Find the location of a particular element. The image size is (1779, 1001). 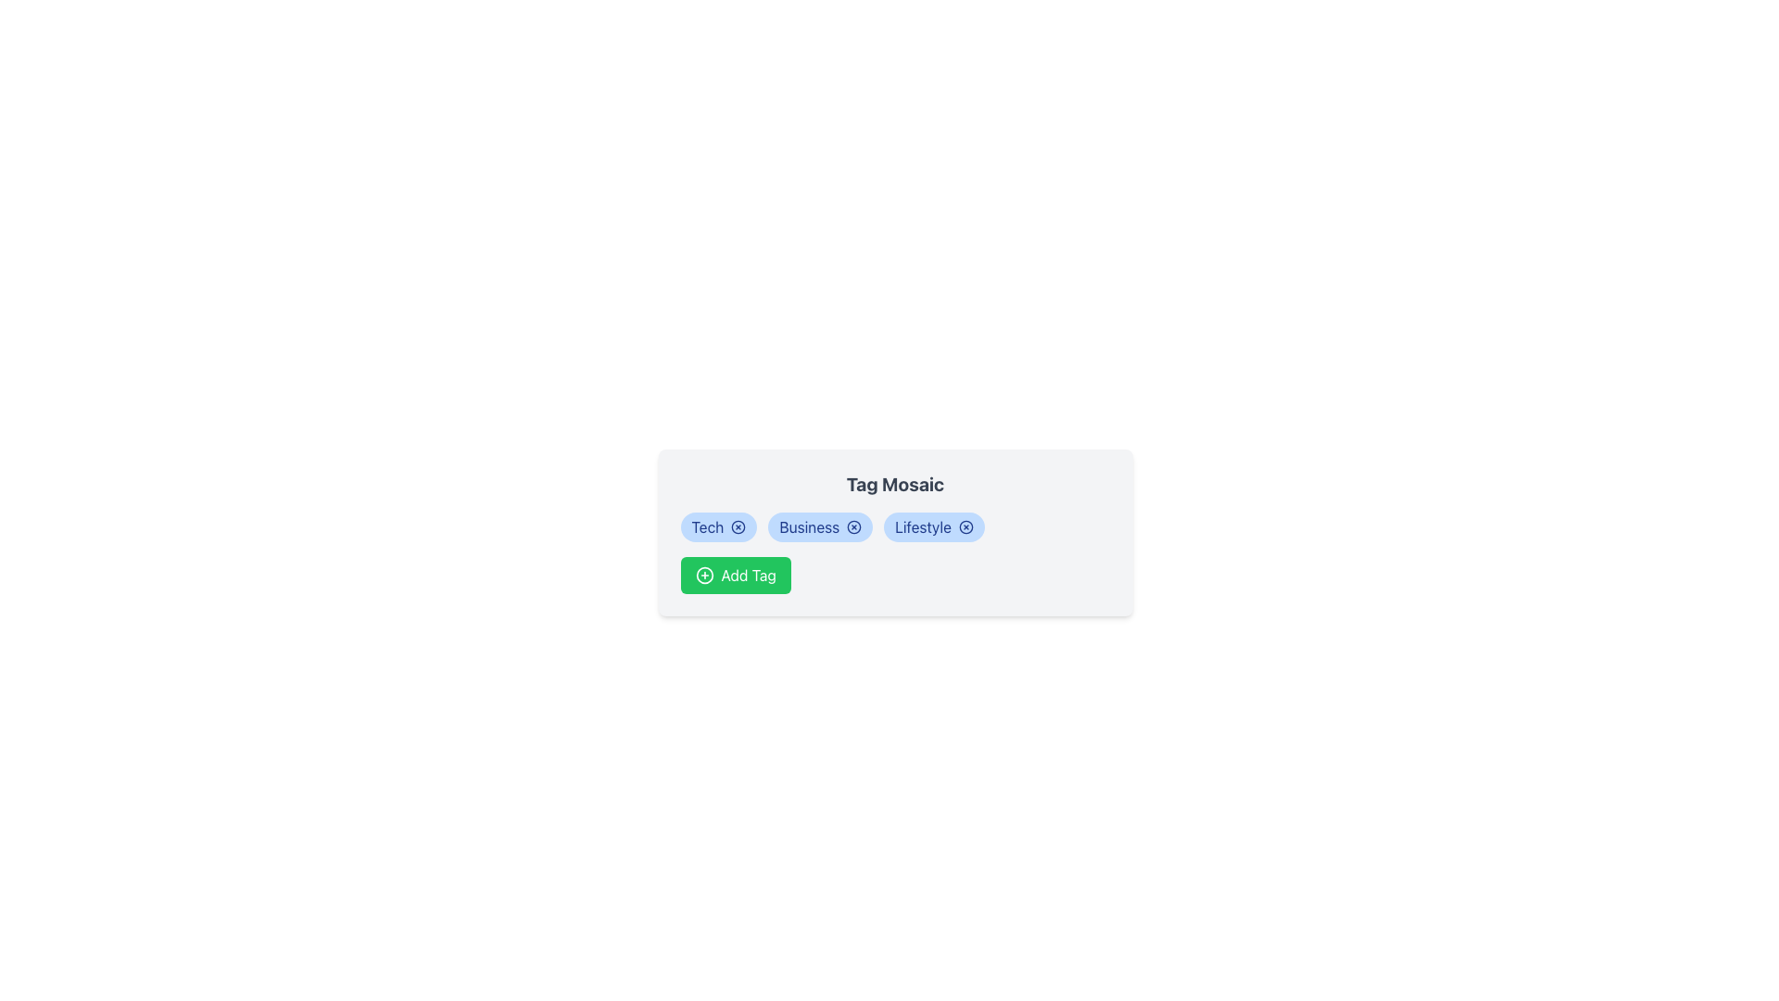

the inner circle of the 'x-circle' icon located next to the 'Lifestyle' tag is located at coordinates (965, 527).